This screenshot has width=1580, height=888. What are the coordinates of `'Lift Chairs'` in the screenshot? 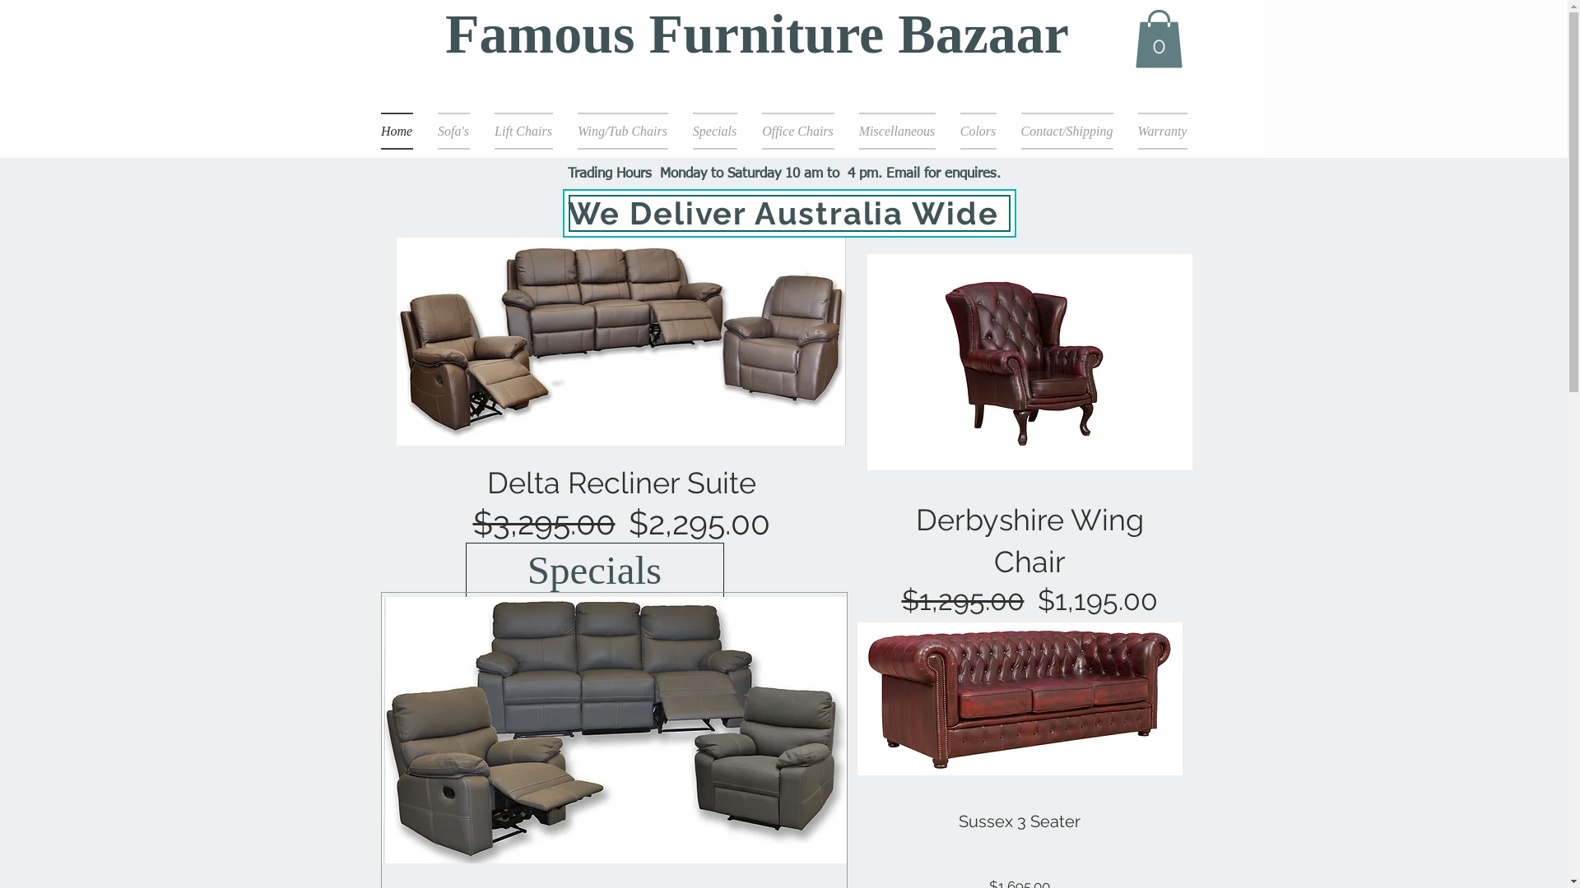 It's located at (523, 130).